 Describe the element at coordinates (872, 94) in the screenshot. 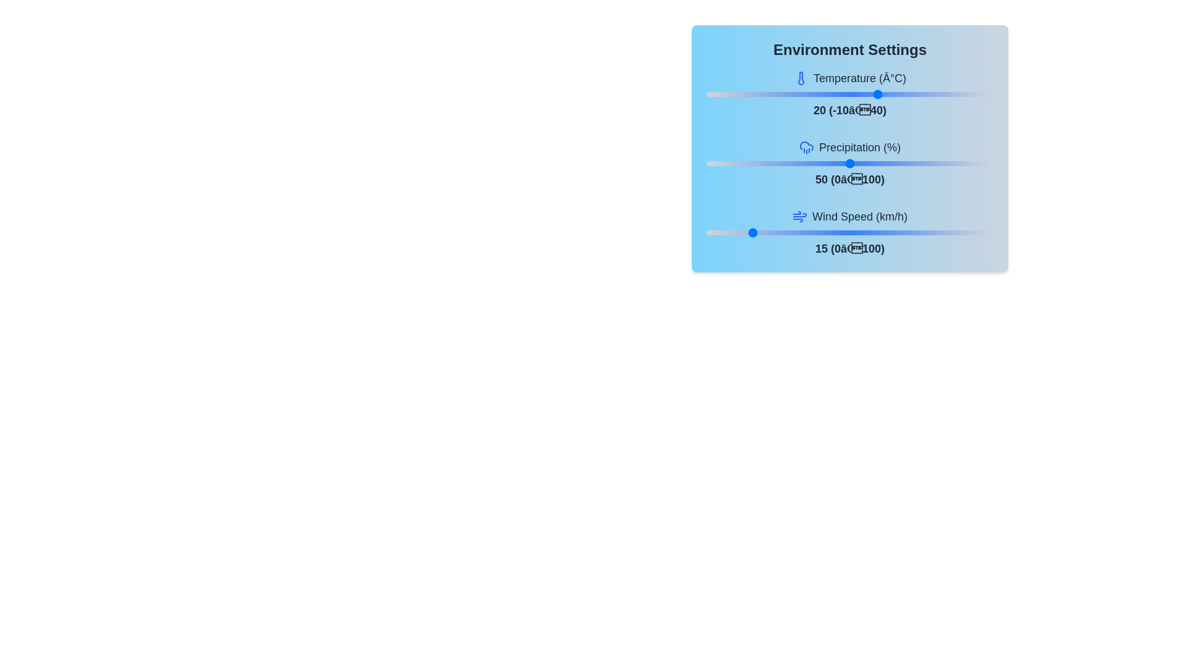

I see `the temperature` at that location.